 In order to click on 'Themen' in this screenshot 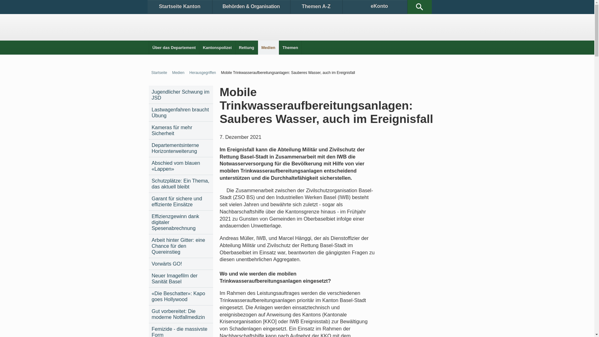, I will do `click(290, 47)`.